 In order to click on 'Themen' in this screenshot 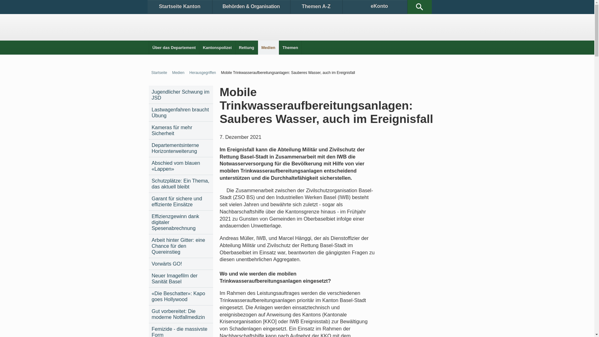, I will do `click(290, 47)`.